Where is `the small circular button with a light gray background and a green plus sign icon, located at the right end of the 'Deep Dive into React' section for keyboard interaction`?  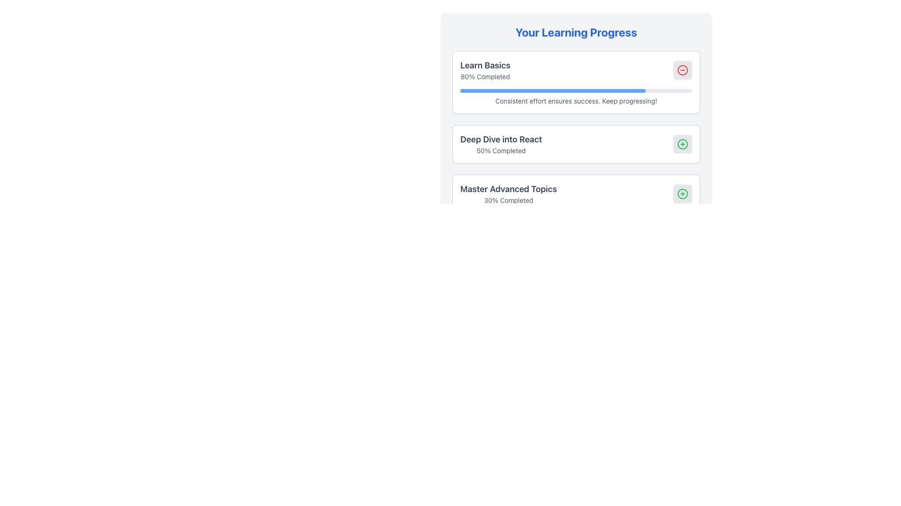 the small circular button with a light gray background and a green plus sign icon, located at the right end of the 'Deep Dive into React' section for keyboard interaction is located at coordinates (682, 144).